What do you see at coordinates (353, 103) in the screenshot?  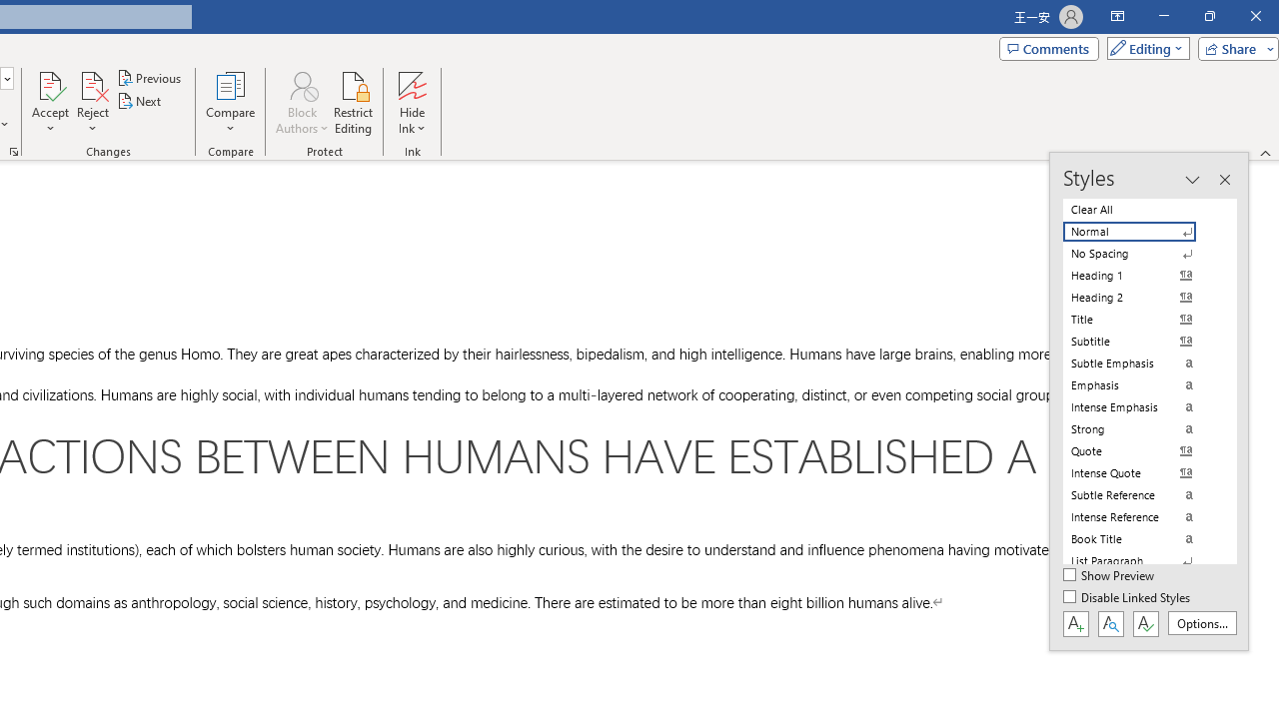 I see `'Restrict Editing'` at bounding box center [353, 103].